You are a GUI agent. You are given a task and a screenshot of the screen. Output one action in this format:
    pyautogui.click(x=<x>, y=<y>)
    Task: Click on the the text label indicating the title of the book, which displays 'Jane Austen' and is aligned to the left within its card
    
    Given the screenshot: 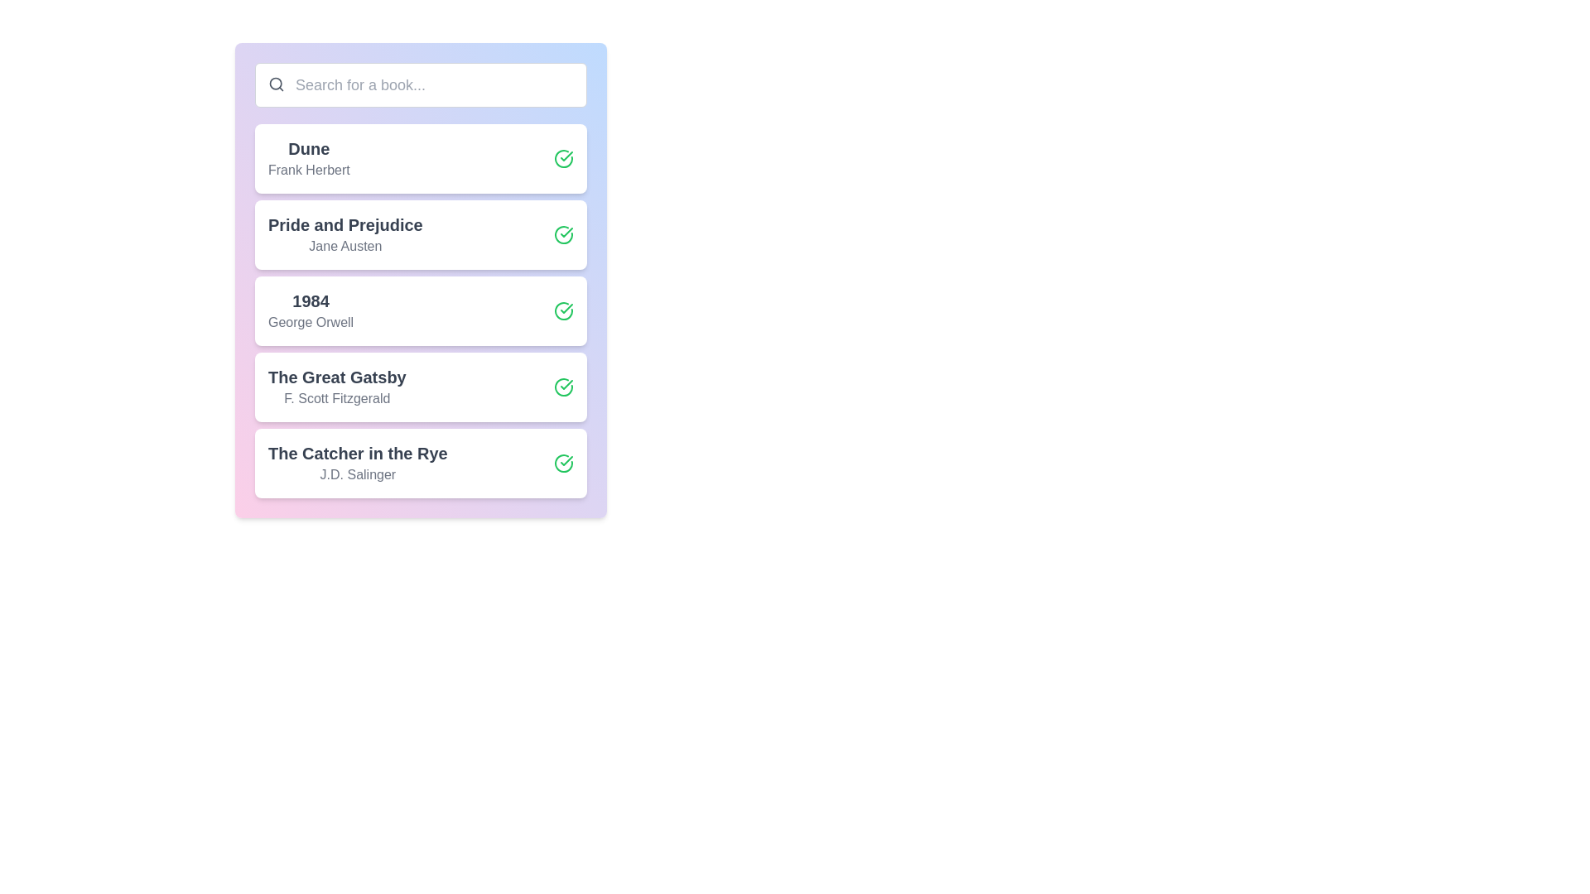 What is the action you would take?
    pyautogui.click(x=344, y=225)
    